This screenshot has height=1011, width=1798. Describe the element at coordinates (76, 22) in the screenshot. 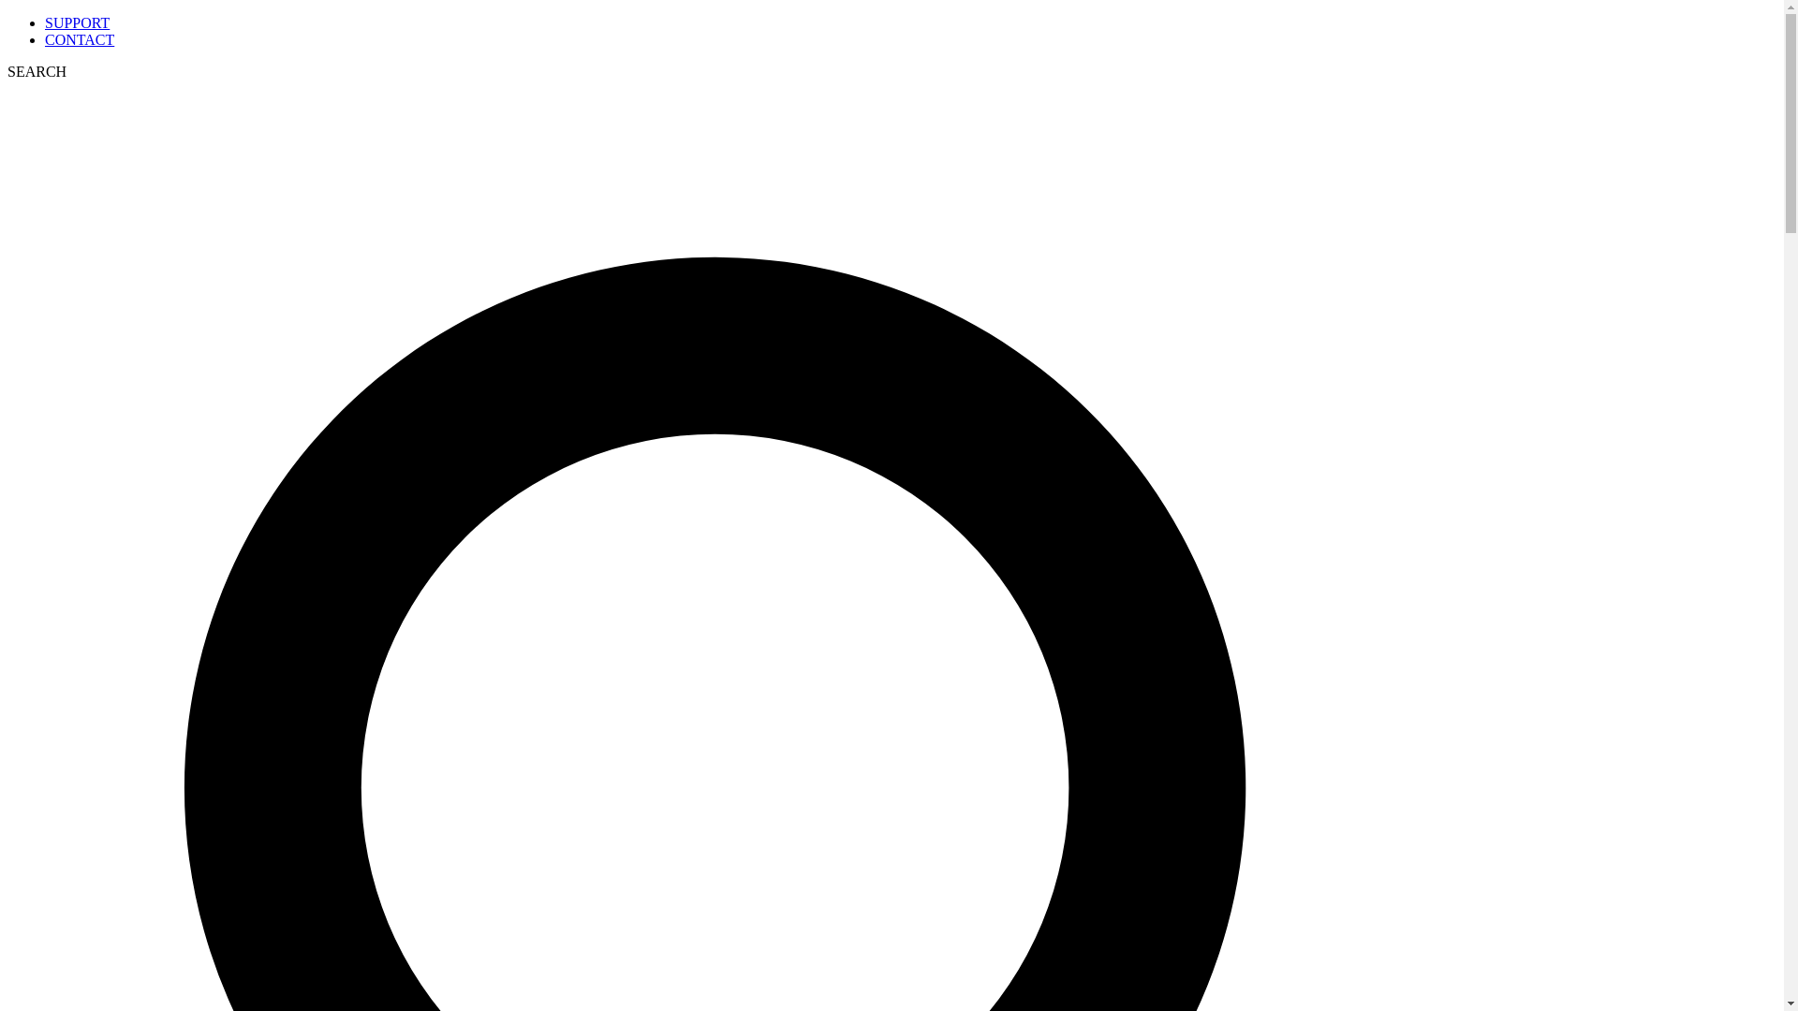

I see `'SUPPORT'` at that location.